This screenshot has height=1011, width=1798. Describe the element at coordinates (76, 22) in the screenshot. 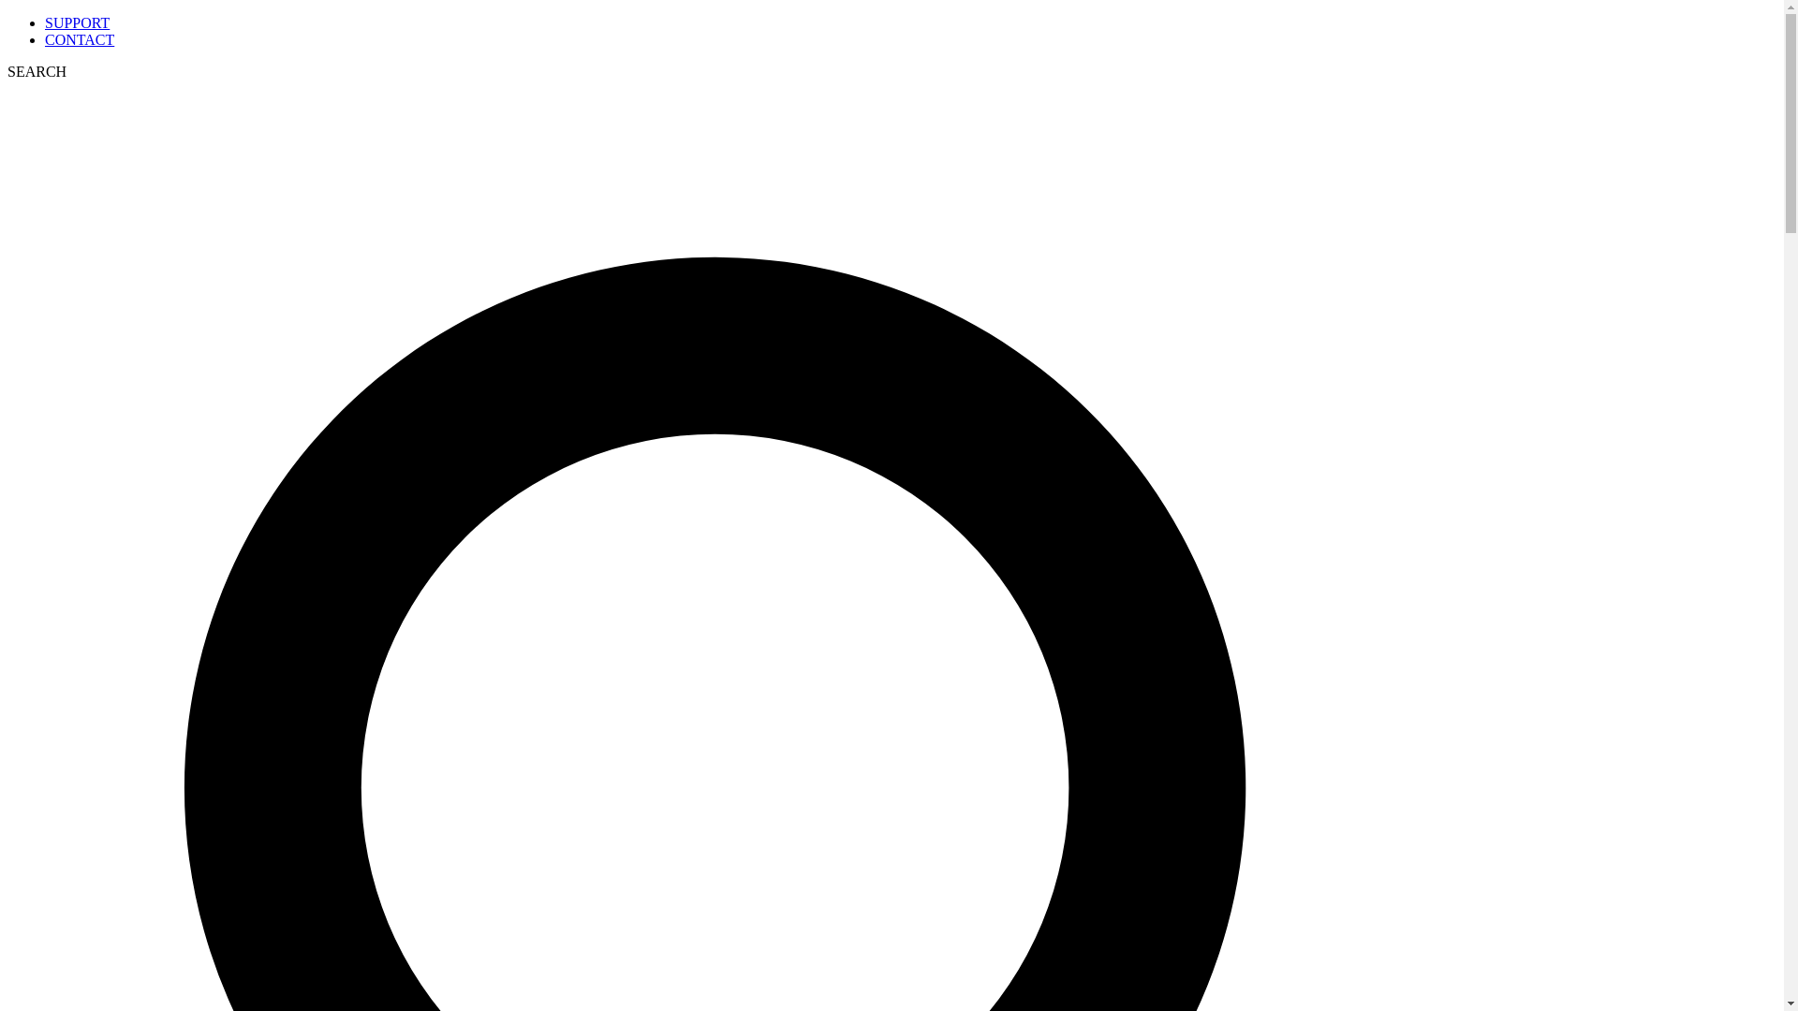

I see `'SUPPORT'` at that location.